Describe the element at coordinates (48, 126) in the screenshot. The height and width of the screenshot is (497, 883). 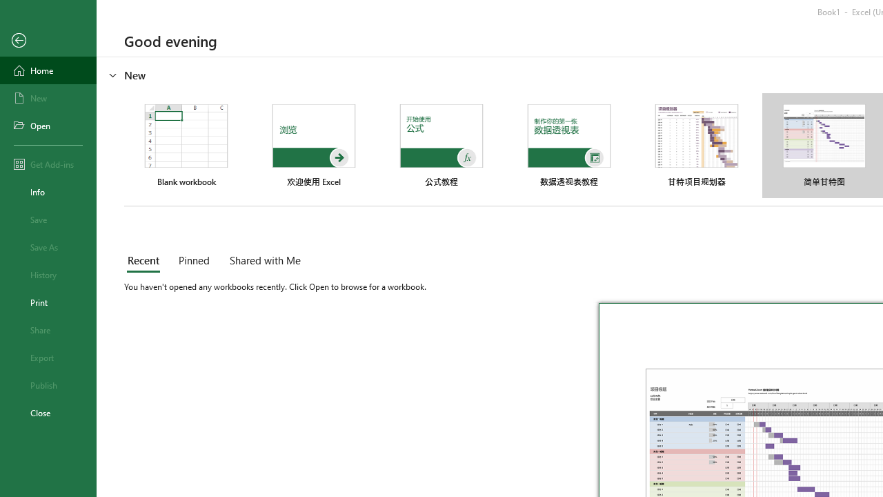
I see `'Open'` at that location.